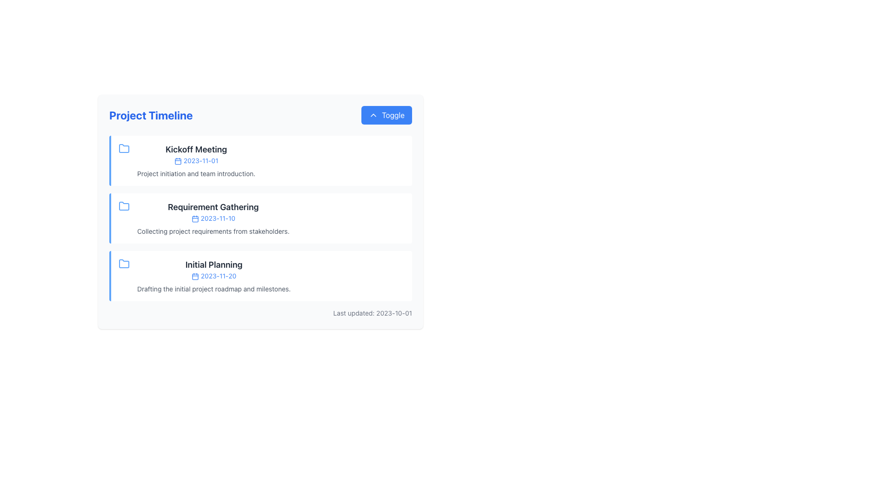  What do you see at coordinates (196, 149) in the screenshot?
I see `the text label serving as the title for the 'Kickoff Meeting' in the 'Project Timeline' section, which is positioned above the date and description` at bounding box center [196, 149].